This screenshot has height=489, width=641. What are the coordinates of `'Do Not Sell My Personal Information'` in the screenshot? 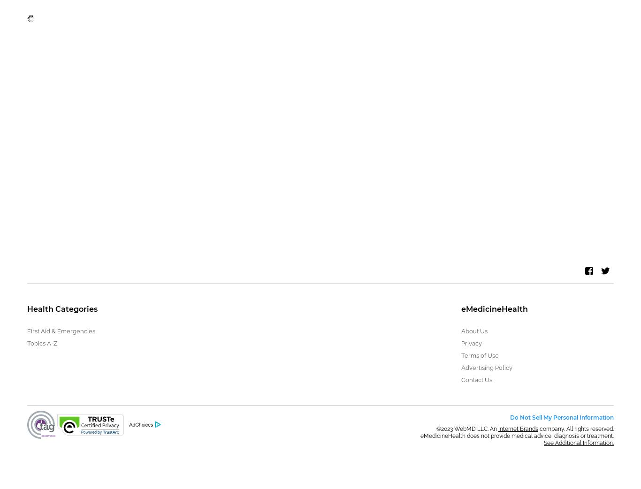 It's located at (562, 417).